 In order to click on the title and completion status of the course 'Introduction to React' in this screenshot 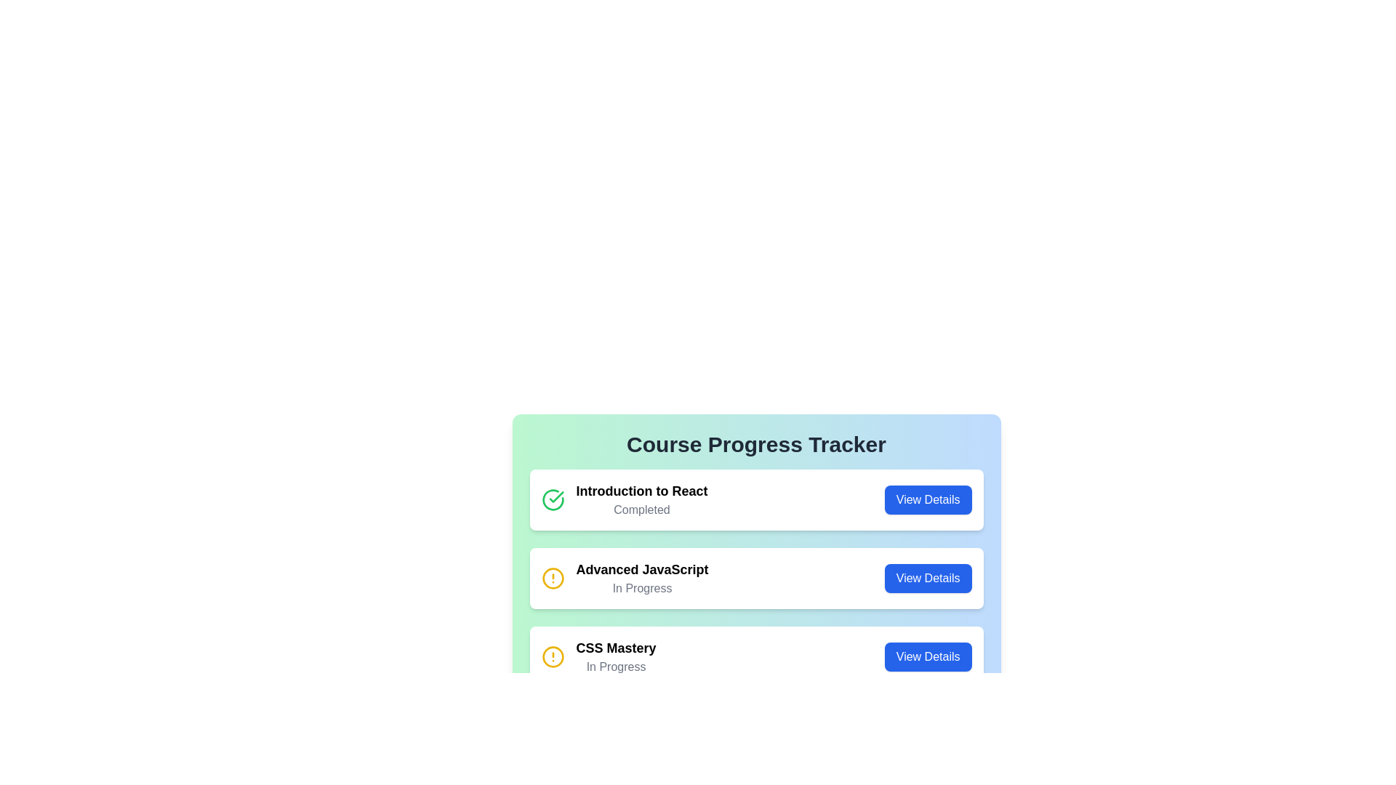, I will do `click(625, 499)`.